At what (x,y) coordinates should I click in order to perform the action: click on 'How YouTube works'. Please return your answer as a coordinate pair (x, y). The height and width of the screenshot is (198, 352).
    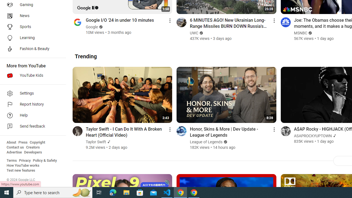
    Looking at the image, I should click on (23, 165).